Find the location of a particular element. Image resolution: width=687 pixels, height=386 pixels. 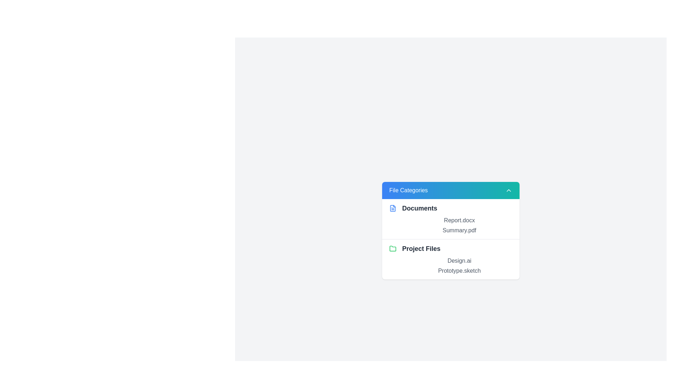

the list item displaying 'Design.ai' and 'Prototype.sketch' under the 'Project Files' heading is located at coordinates (450, 266).